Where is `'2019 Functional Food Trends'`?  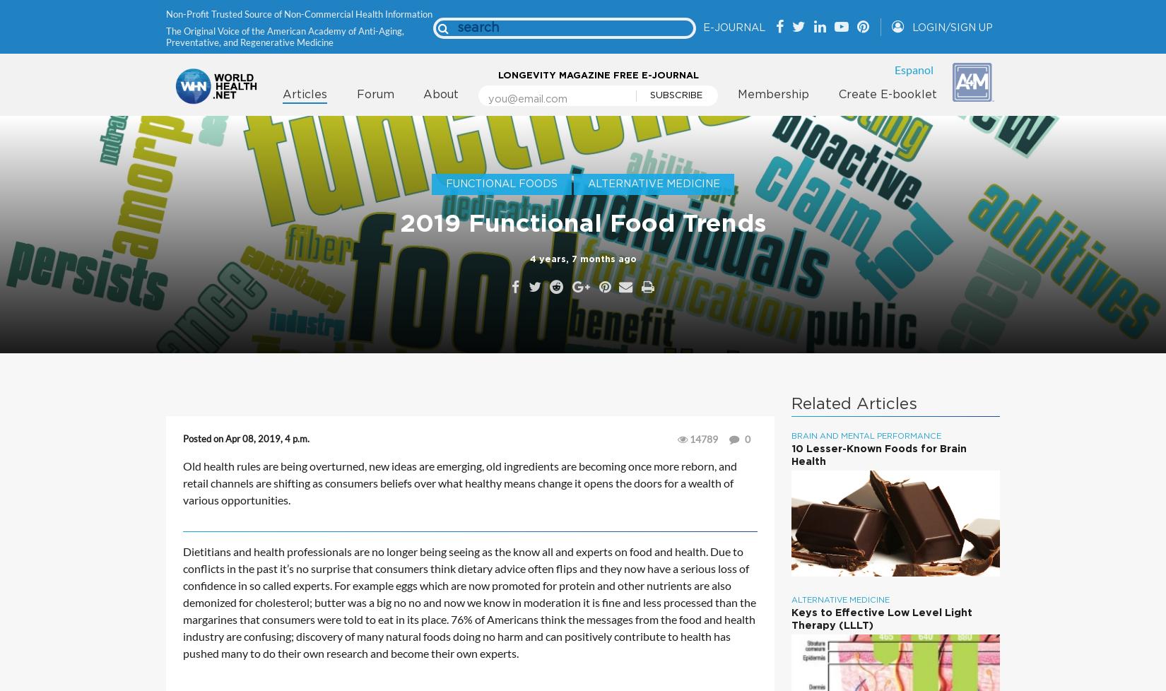 '2019 Functional Food Trends' is located at coordinates (583, 223).